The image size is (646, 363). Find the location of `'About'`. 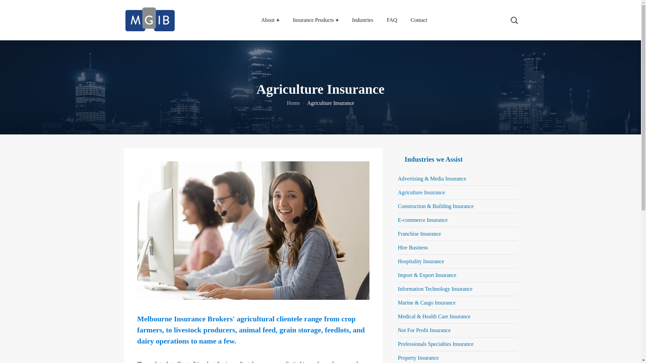

'About' is located at coordinates (270, 20).